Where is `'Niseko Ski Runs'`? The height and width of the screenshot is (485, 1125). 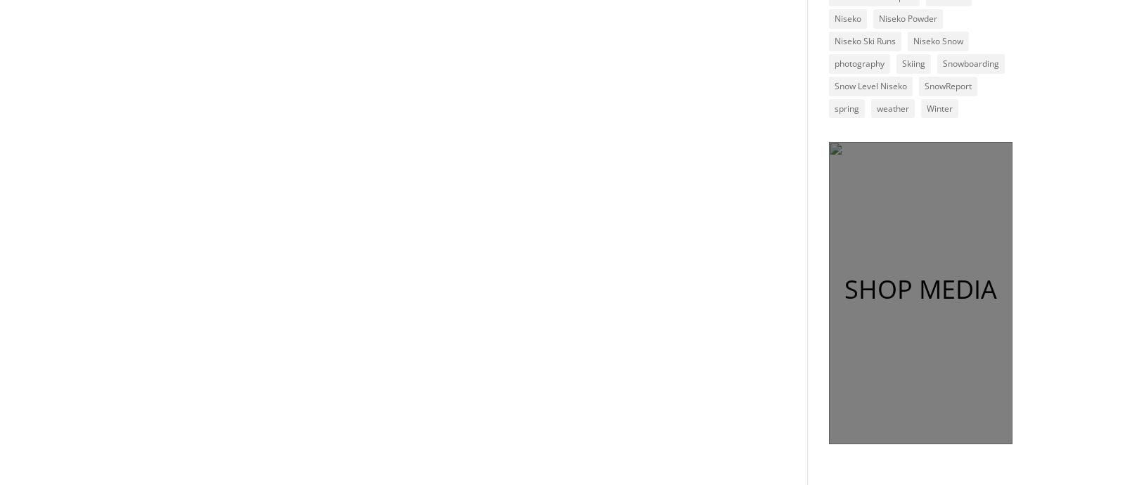
'Niseko Ski Runs' is located at coordinates (863, 40).